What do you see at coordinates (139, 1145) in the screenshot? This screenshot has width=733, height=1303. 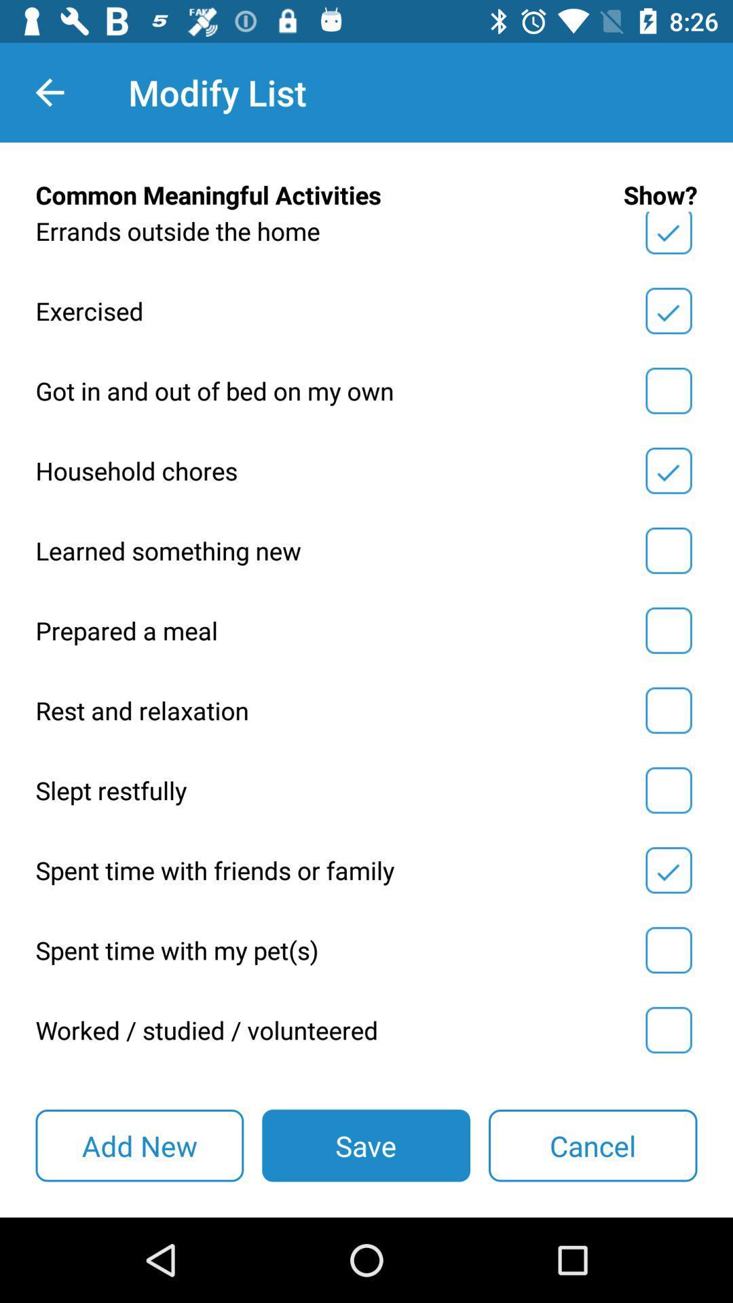 I see `the icon next to the save icon` at bounding box center [139, 1145].